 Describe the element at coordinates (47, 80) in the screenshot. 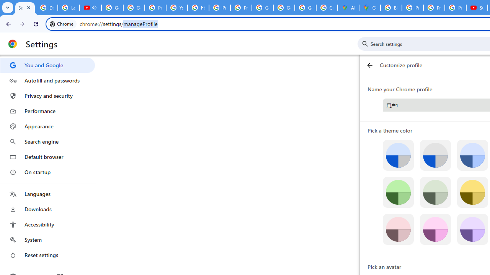

I see `'Autofill and passwords'` at that location.